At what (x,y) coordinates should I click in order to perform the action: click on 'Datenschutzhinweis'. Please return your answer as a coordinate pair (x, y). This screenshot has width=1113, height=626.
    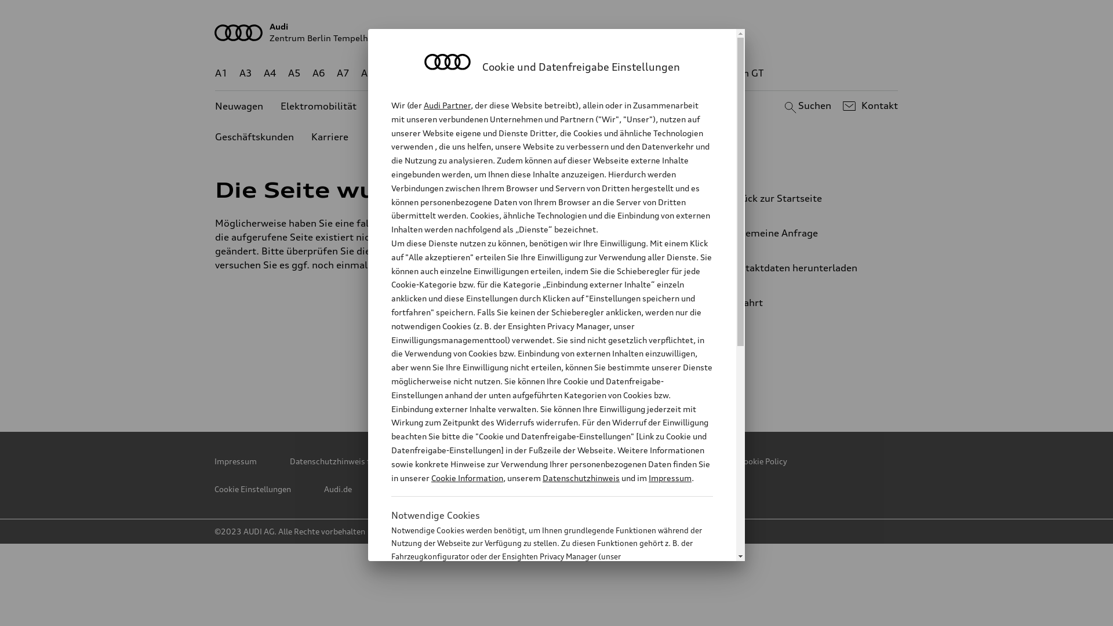
    Looking at the image, I should click on (581, 478).